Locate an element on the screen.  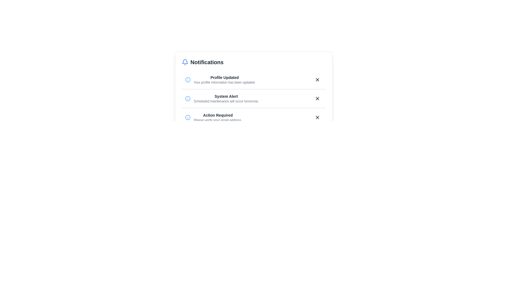
the notification item that informs users about scheduled maintenance is located at coordinates (253, 98).